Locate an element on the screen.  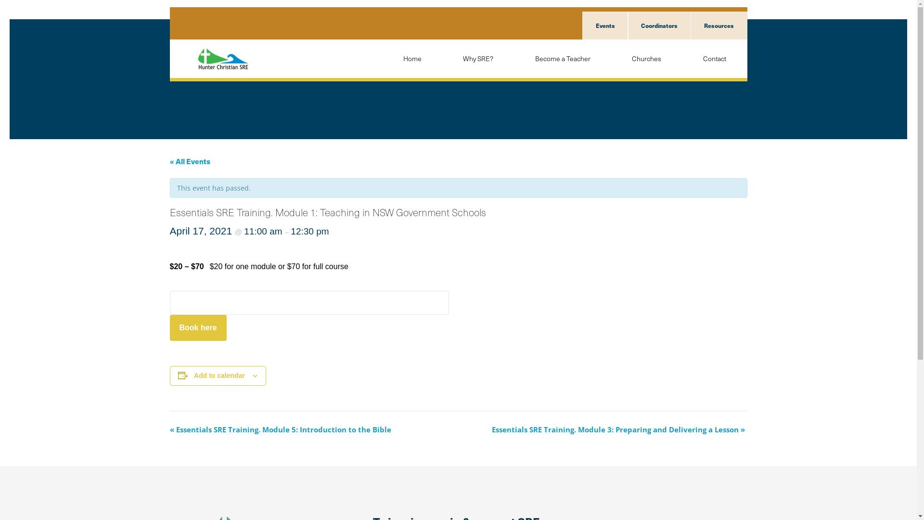
'Book here' is located at coordinates (197, 327).